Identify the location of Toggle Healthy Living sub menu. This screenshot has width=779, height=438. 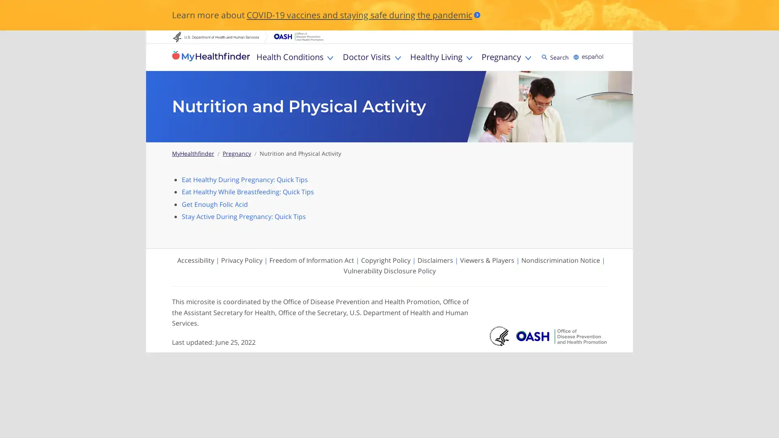
(469, 57).